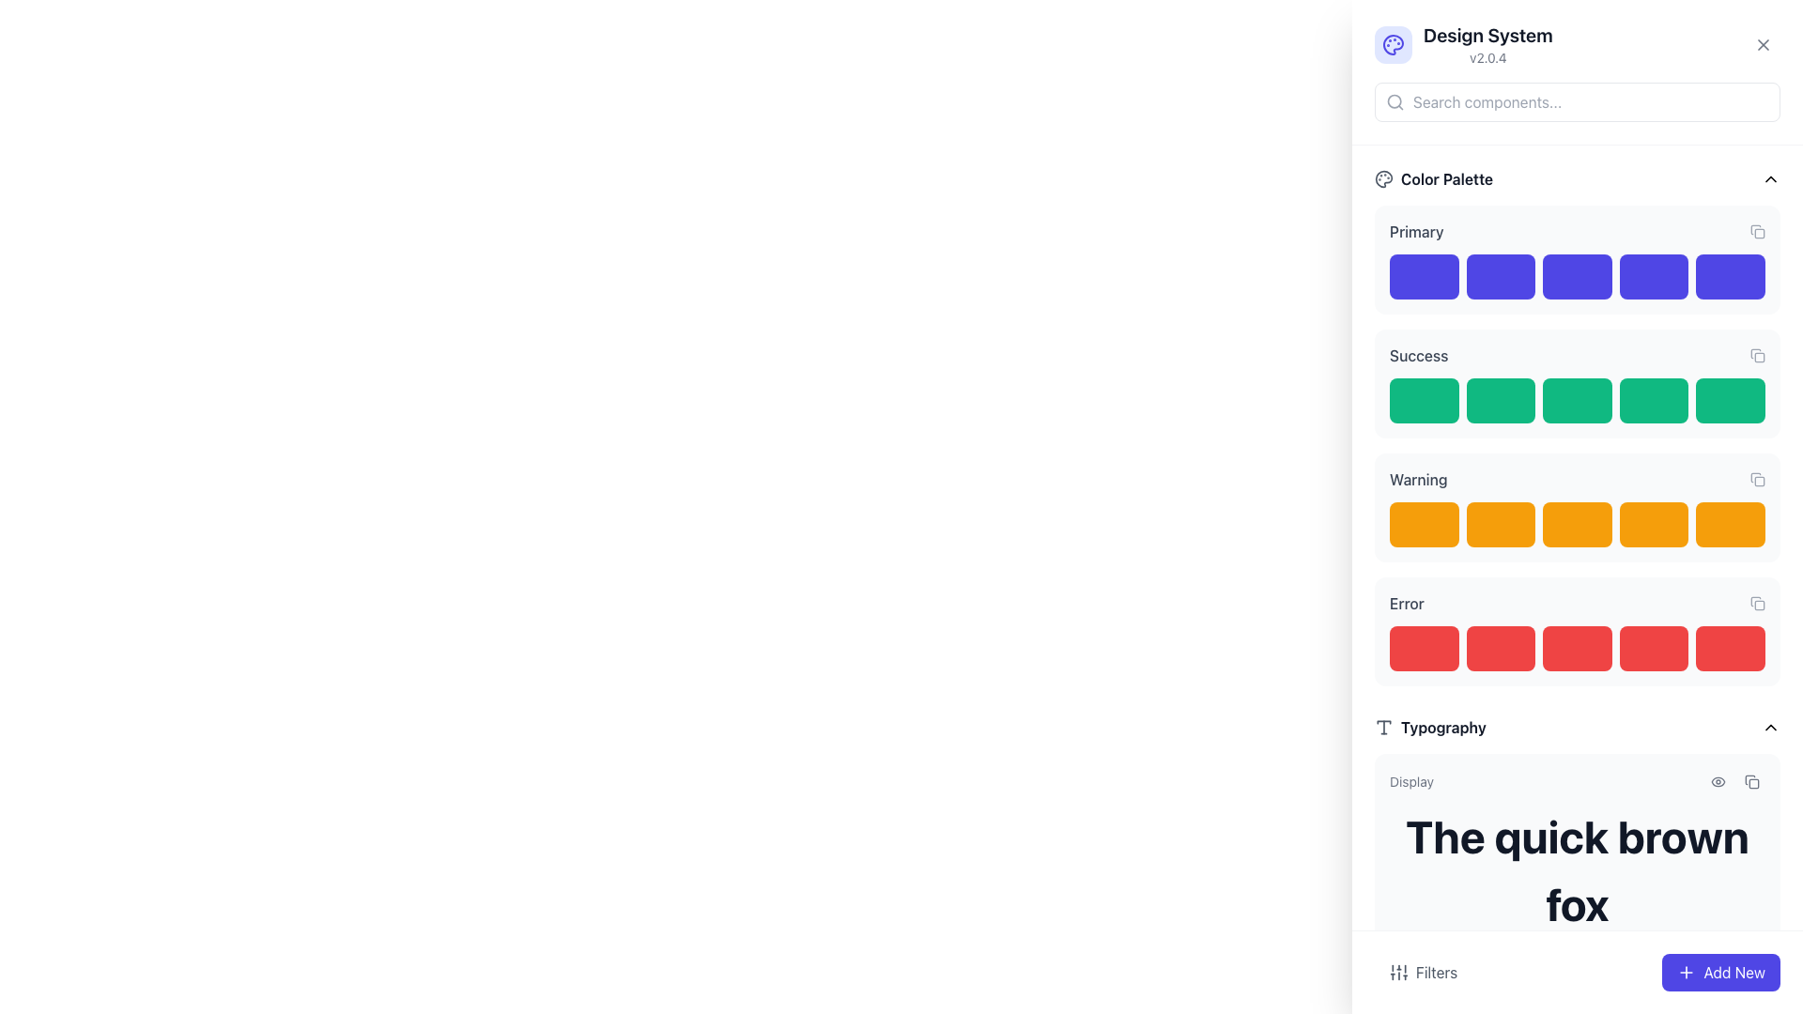 This screenshot has height=1014, width=1803. Describe the element at coordinates (1757, 230) in the screenshot. I see `the small gray square-shaped button with a document icon inside, located at the top-right corner of the 'Primary' section in the 'Color Palette', to copy information` at that location.